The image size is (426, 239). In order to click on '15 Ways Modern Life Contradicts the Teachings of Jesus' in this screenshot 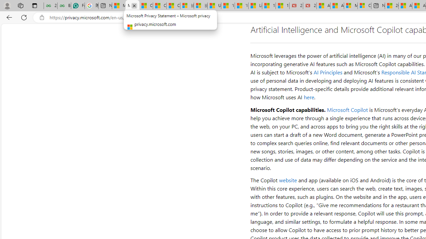, I will do `click(283, 6)`.